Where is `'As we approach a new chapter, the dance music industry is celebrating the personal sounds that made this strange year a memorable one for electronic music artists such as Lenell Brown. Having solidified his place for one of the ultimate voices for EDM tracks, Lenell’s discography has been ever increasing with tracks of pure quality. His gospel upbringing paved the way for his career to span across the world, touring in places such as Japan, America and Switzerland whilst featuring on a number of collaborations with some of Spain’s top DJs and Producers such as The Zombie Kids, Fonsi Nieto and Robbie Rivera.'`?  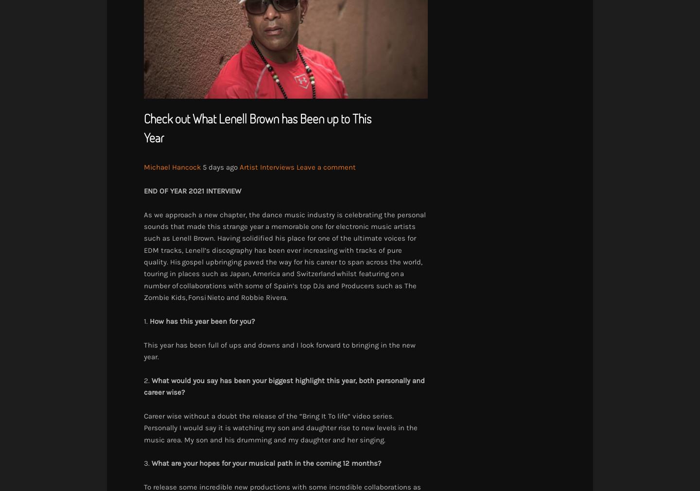
'As we approach a new chapter, the dance music industry is celebrating the personal sounds that made this strange year a memorable one for electronic music artists such as Lenell Brown. Having solidified his place for one of the ultimate voices for EDM tracks, Lenell’s discography has been ever increasing with tracks of pure quality. His gospel upbringing paved the way for his career to span across the world, touring in places such as Japan, America and Switzerland whilst featuring on a number of collaborations with some of Spain’s top DJs and Producers such as The Zombie Kids, Fonsi Nieto and Robbie Rivera.' is located at coordinates (284, 255).